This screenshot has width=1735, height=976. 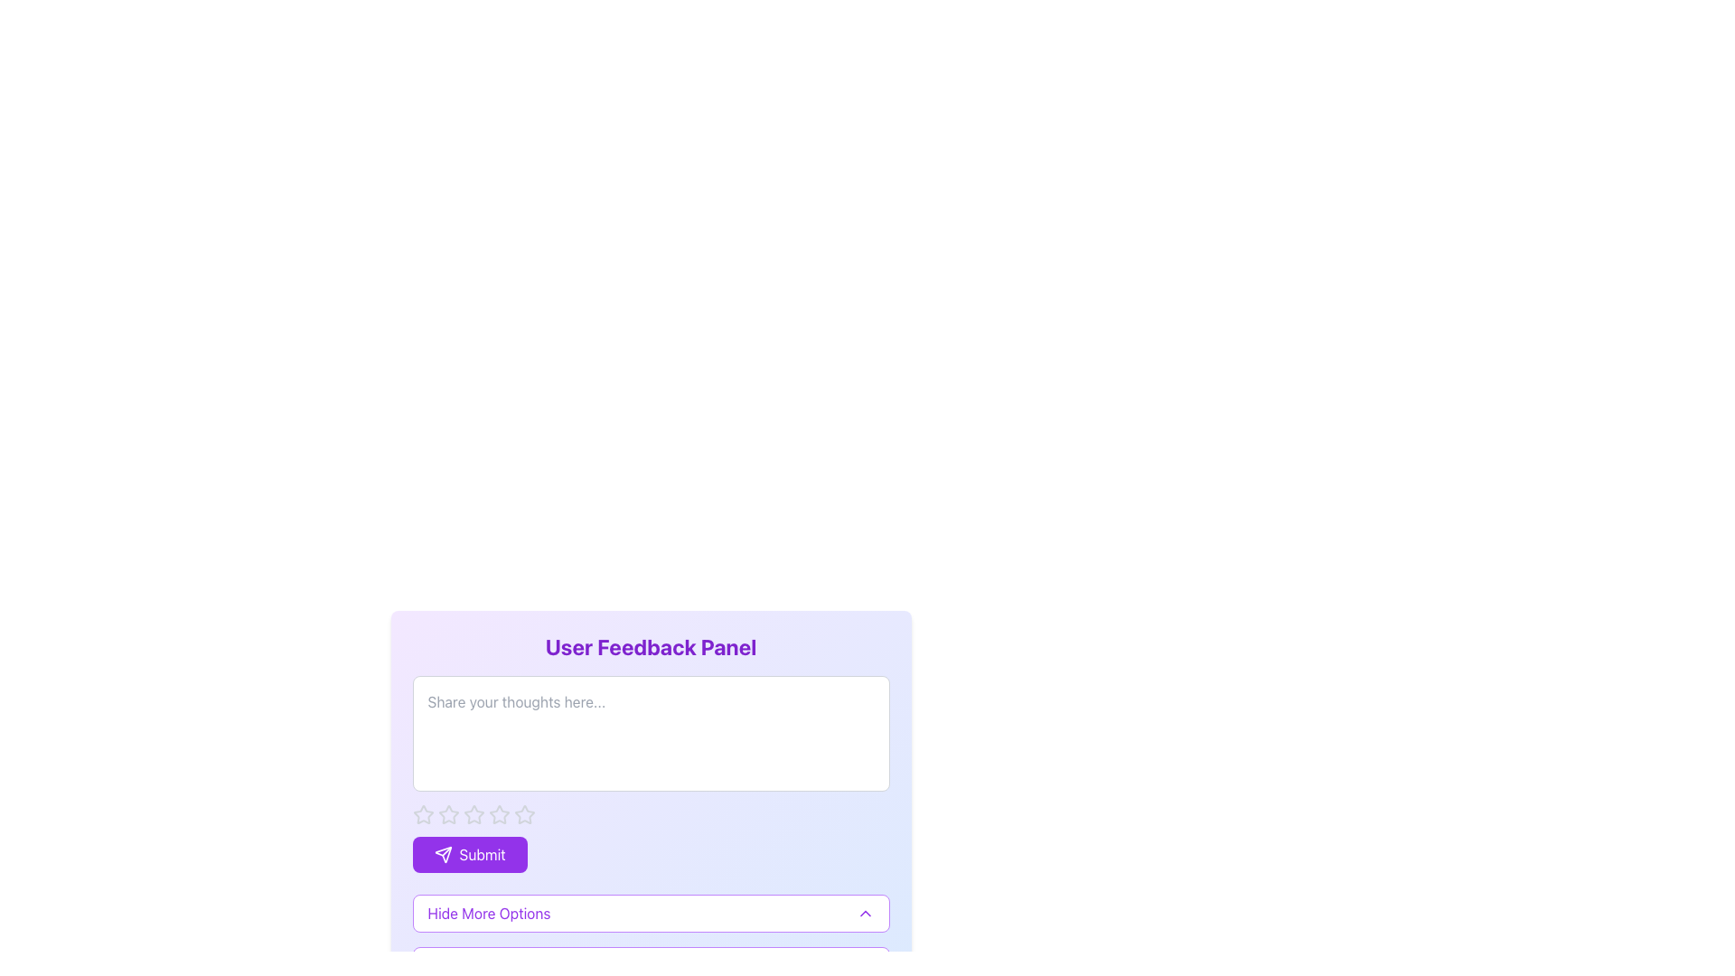 I want to click on the toggle button located below the Submit button, so click(x=651, y=913).